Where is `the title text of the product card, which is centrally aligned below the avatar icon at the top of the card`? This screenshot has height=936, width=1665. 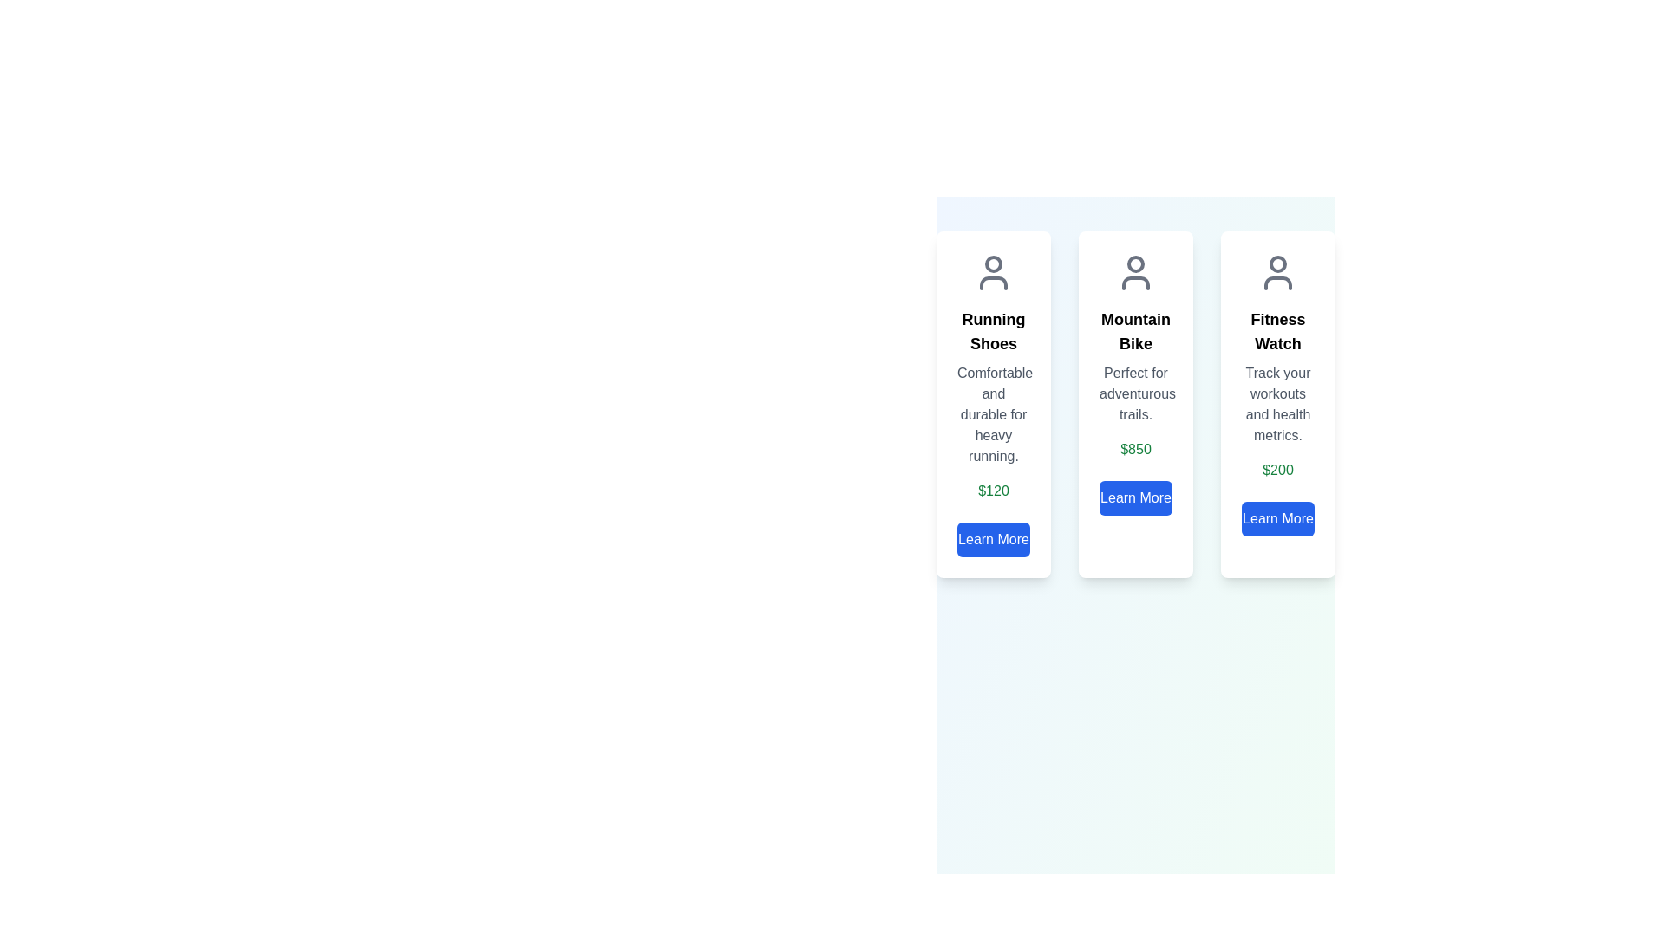 the title text of the product card, which is centrally aligned below the avatar icon at the top of the card is located at coordinates (994, 331).